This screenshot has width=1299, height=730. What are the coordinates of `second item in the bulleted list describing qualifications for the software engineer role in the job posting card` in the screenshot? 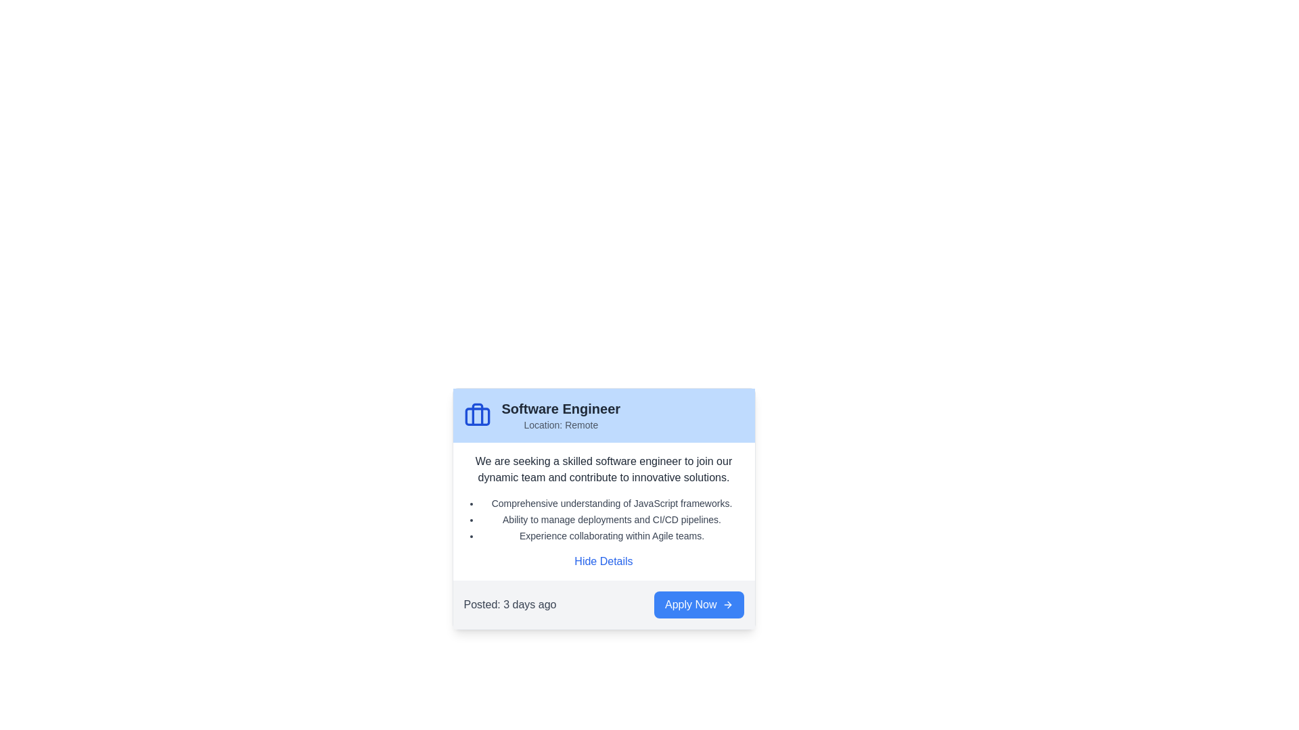 It's located at (611, 518).